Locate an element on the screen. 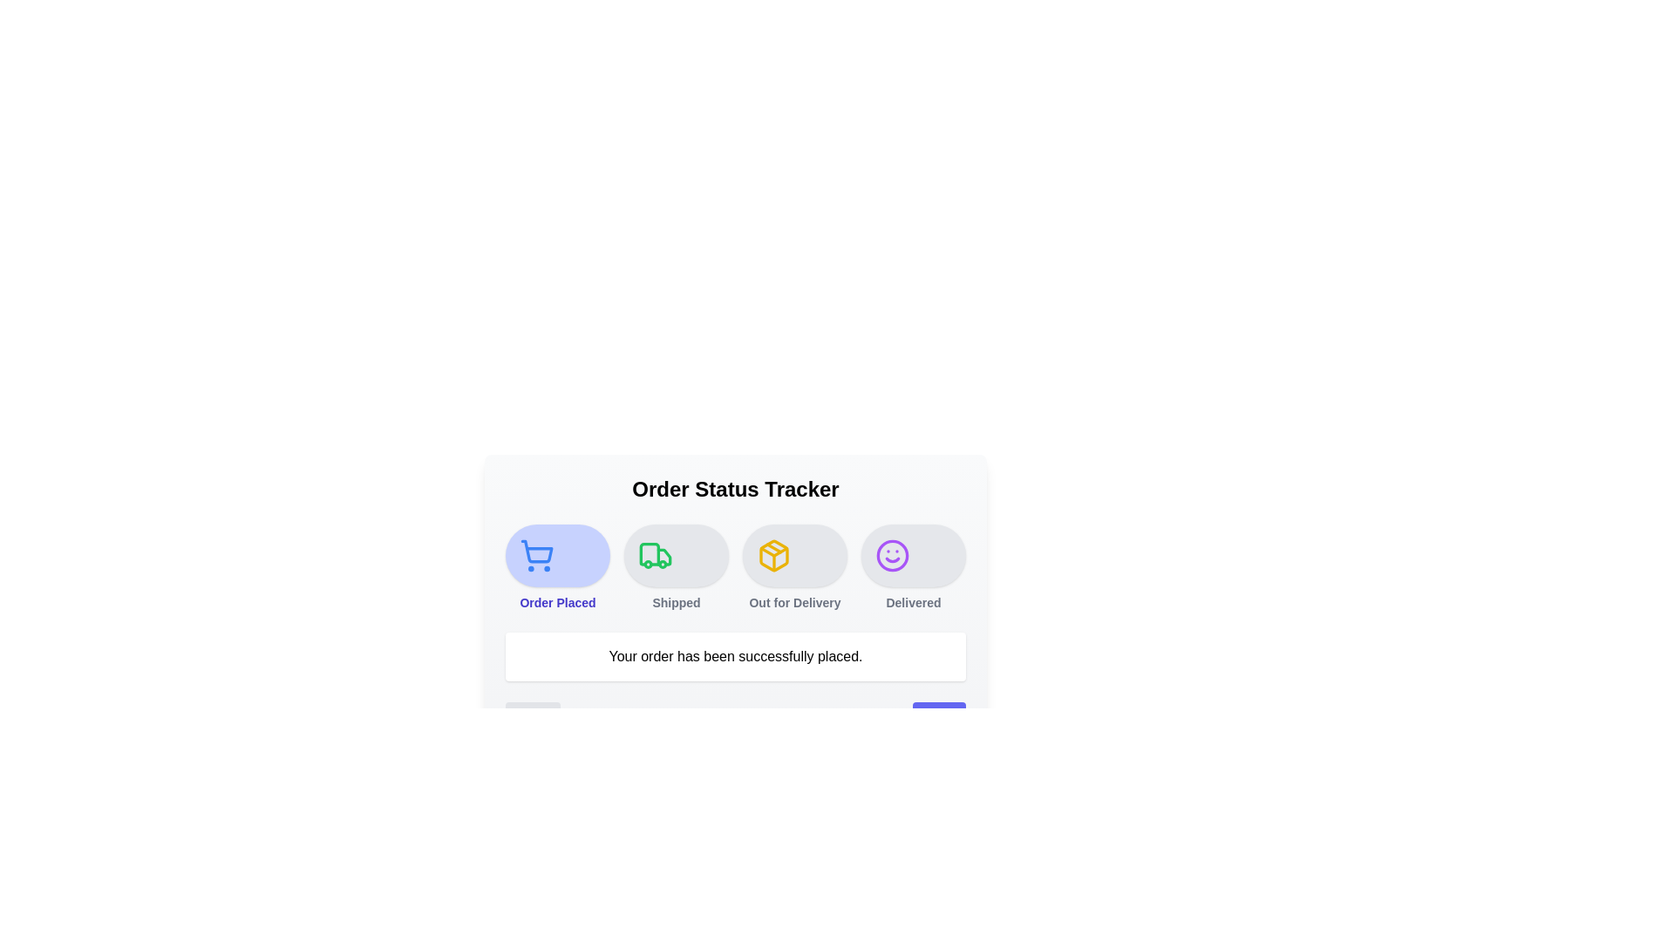 This screenshot has width=1674, height=941. the step icon corresponding to Out for Delivery to highlight it and view its details is located at coordinates (794, 555).